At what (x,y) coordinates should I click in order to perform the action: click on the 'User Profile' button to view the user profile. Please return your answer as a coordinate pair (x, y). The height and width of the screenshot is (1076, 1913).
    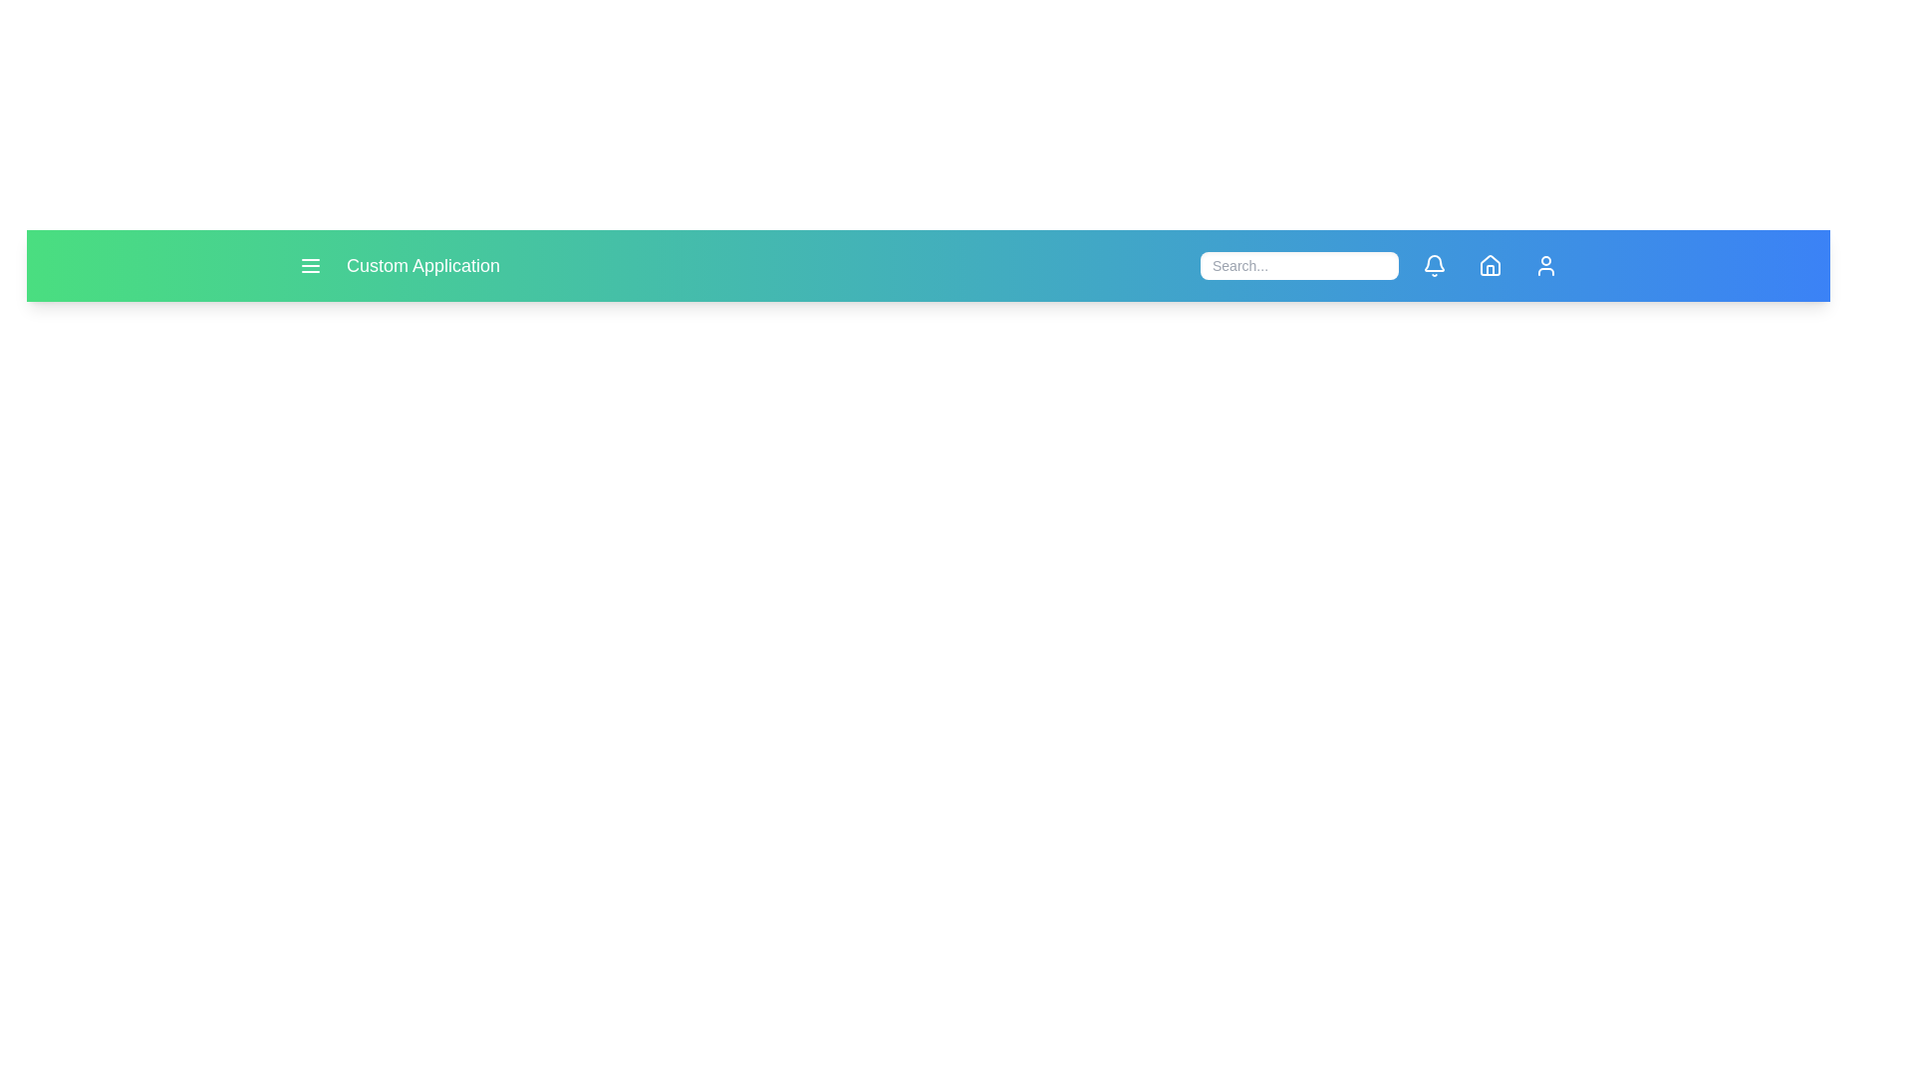
    Looking at the image, I should click on (1544, 264).